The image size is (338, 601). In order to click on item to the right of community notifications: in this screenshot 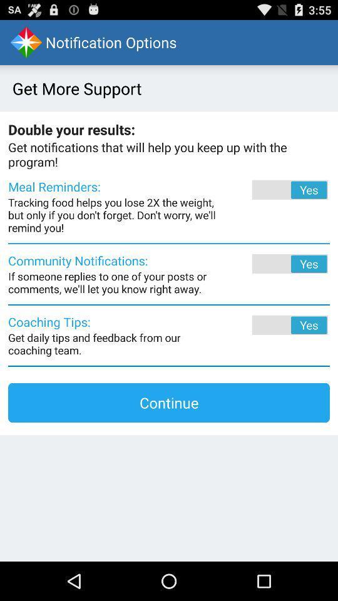, I will do `click(272, 264)`.